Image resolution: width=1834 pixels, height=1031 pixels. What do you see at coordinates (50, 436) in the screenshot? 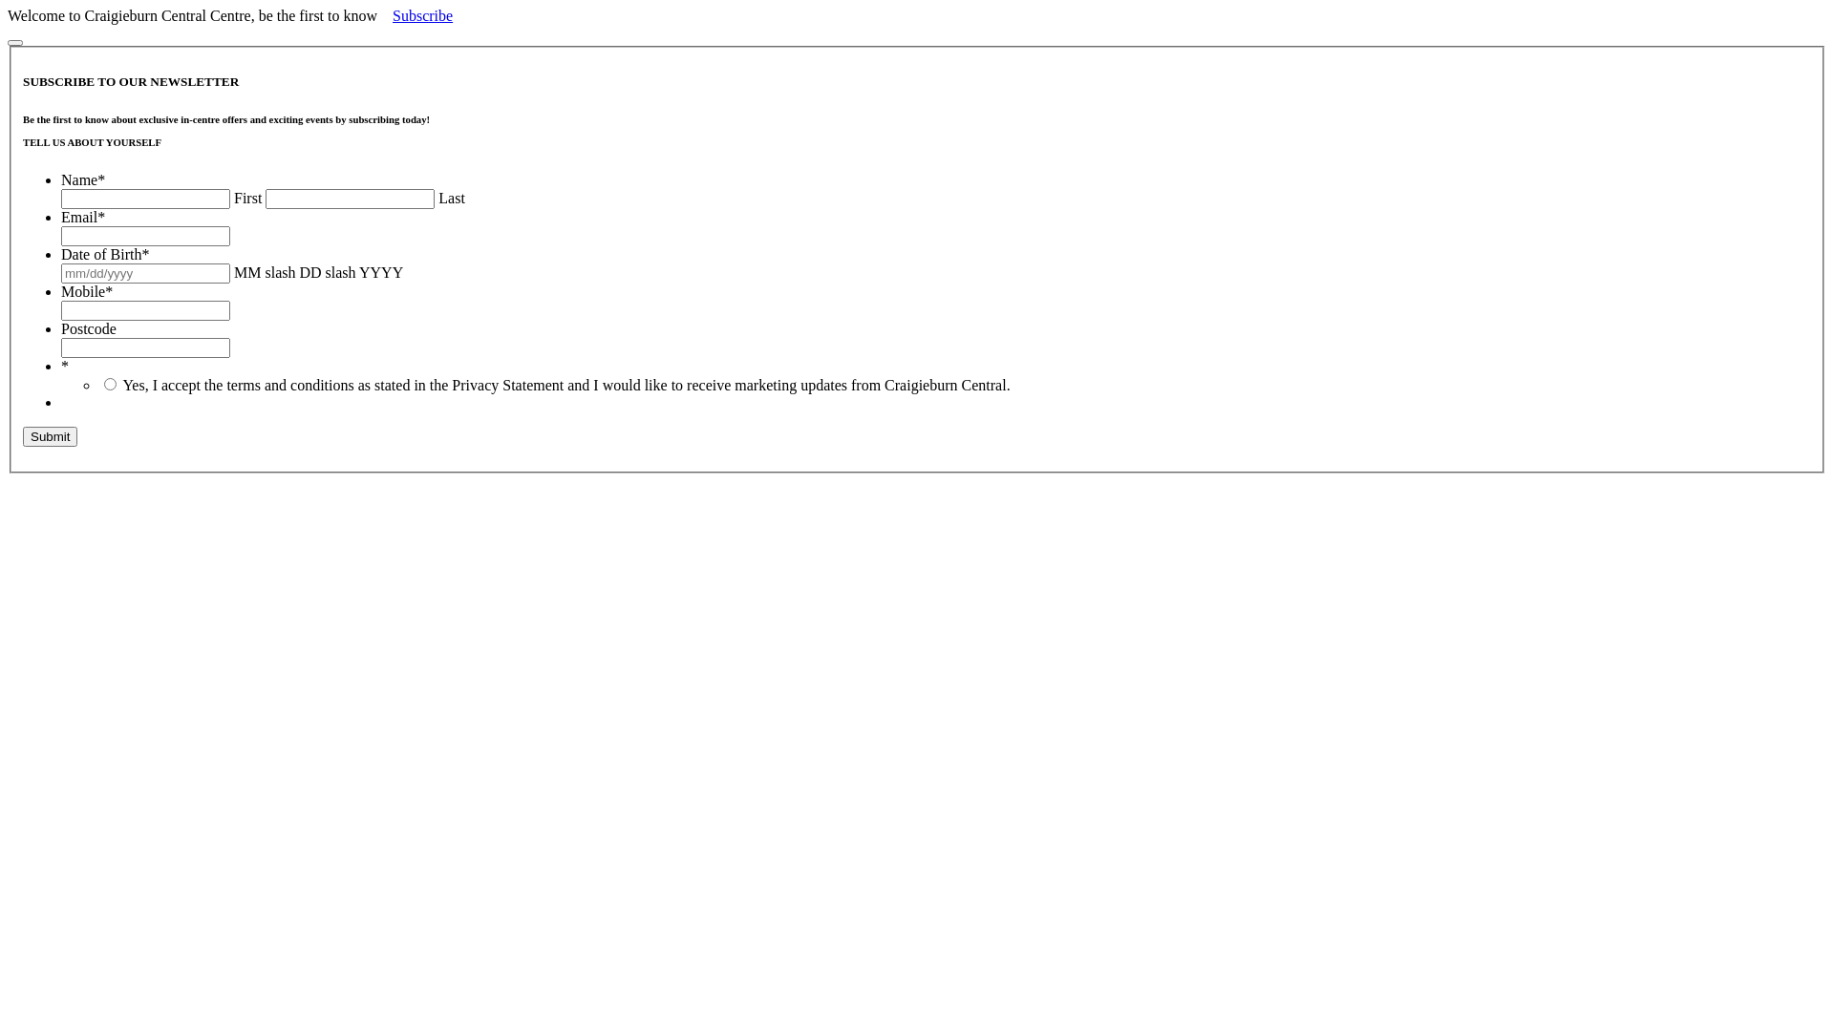
I see `'Submit'` at bounding box center [50, 436].